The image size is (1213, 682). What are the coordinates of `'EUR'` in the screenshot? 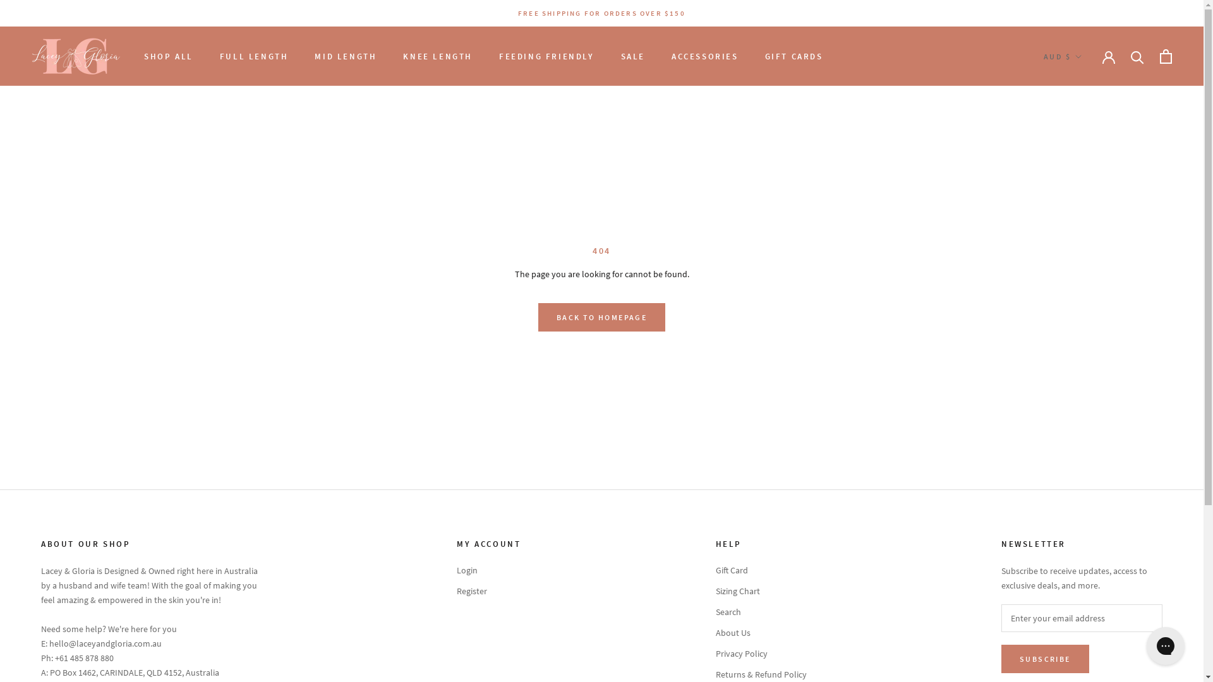 It's located at (1077, 123).